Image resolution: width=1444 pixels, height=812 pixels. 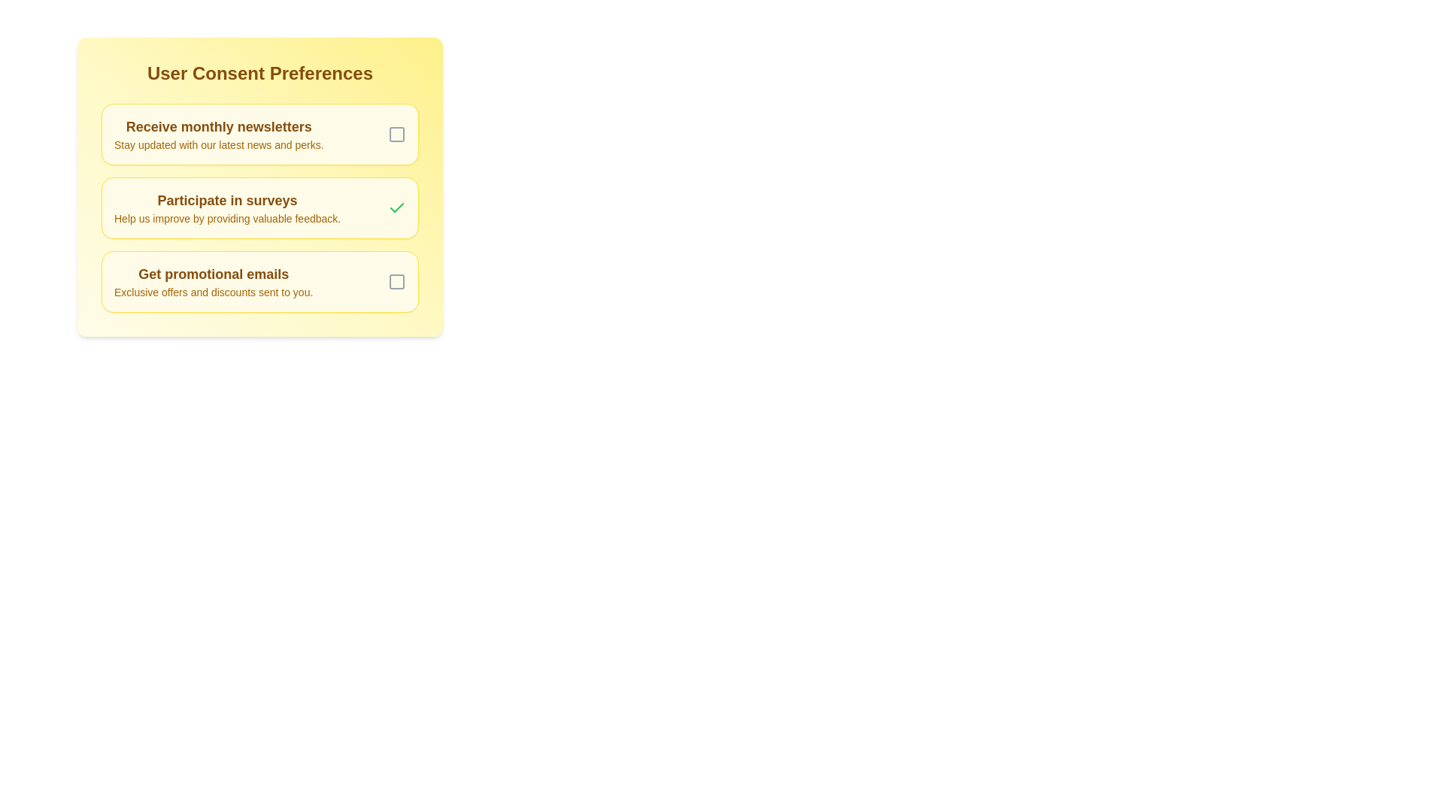 What do you see at coordinates (226, 218) in the screenshot?
I see `the text that provides additional context for the option 'Participate in surveys', which is centrally positioned below the heading within the yellow background box` at bounding box center [226, 218].